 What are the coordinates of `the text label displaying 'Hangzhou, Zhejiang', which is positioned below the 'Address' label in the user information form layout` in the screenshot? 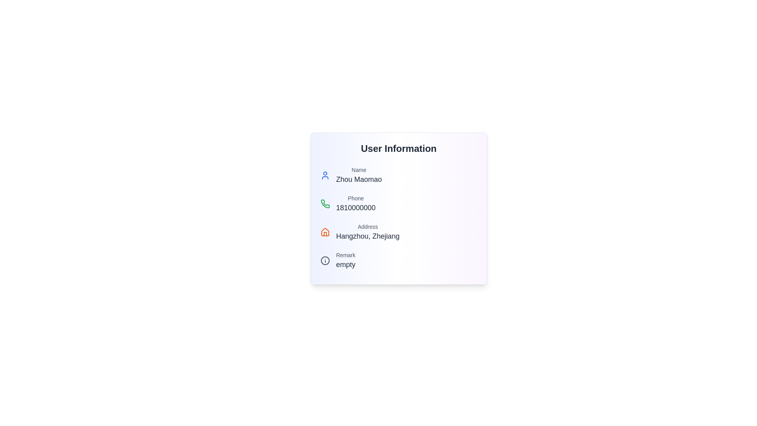 It's located at (367, 235).